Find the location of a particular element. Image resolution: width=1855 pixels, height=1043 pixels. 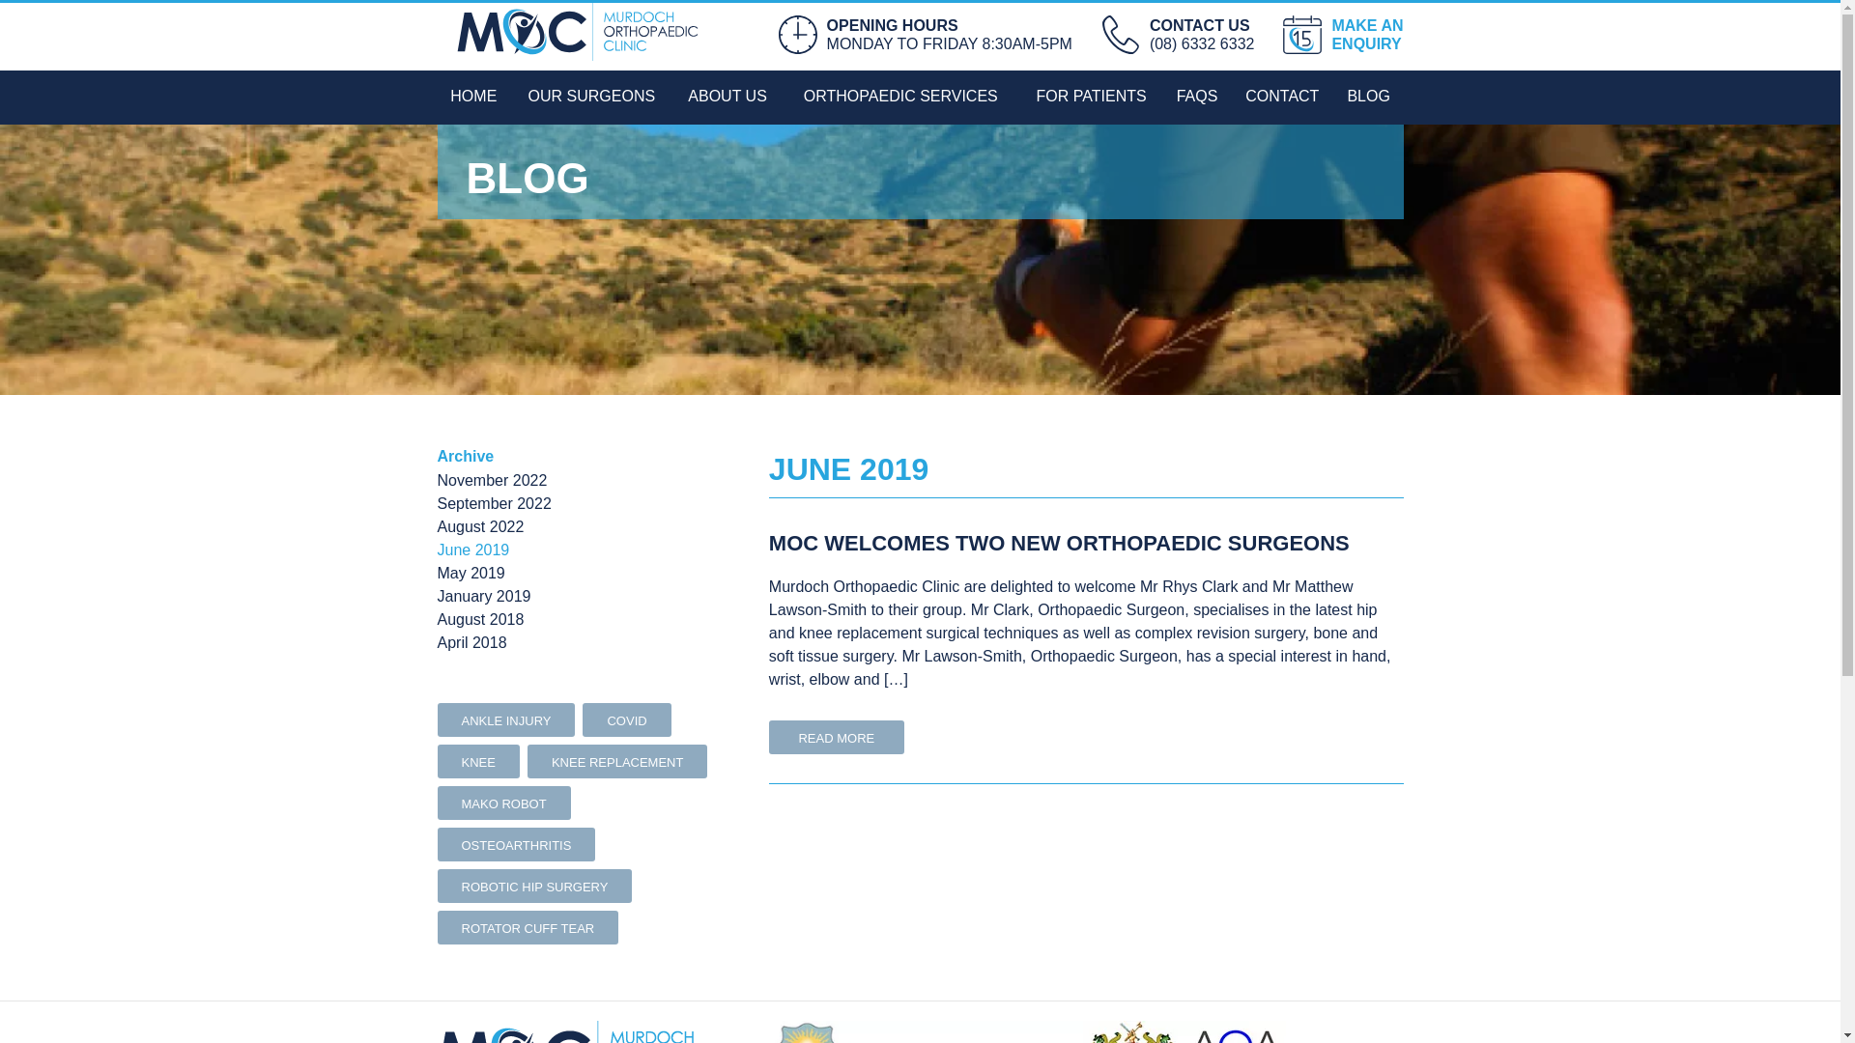

'CONTACT' is located at coordinates (1282, 97).